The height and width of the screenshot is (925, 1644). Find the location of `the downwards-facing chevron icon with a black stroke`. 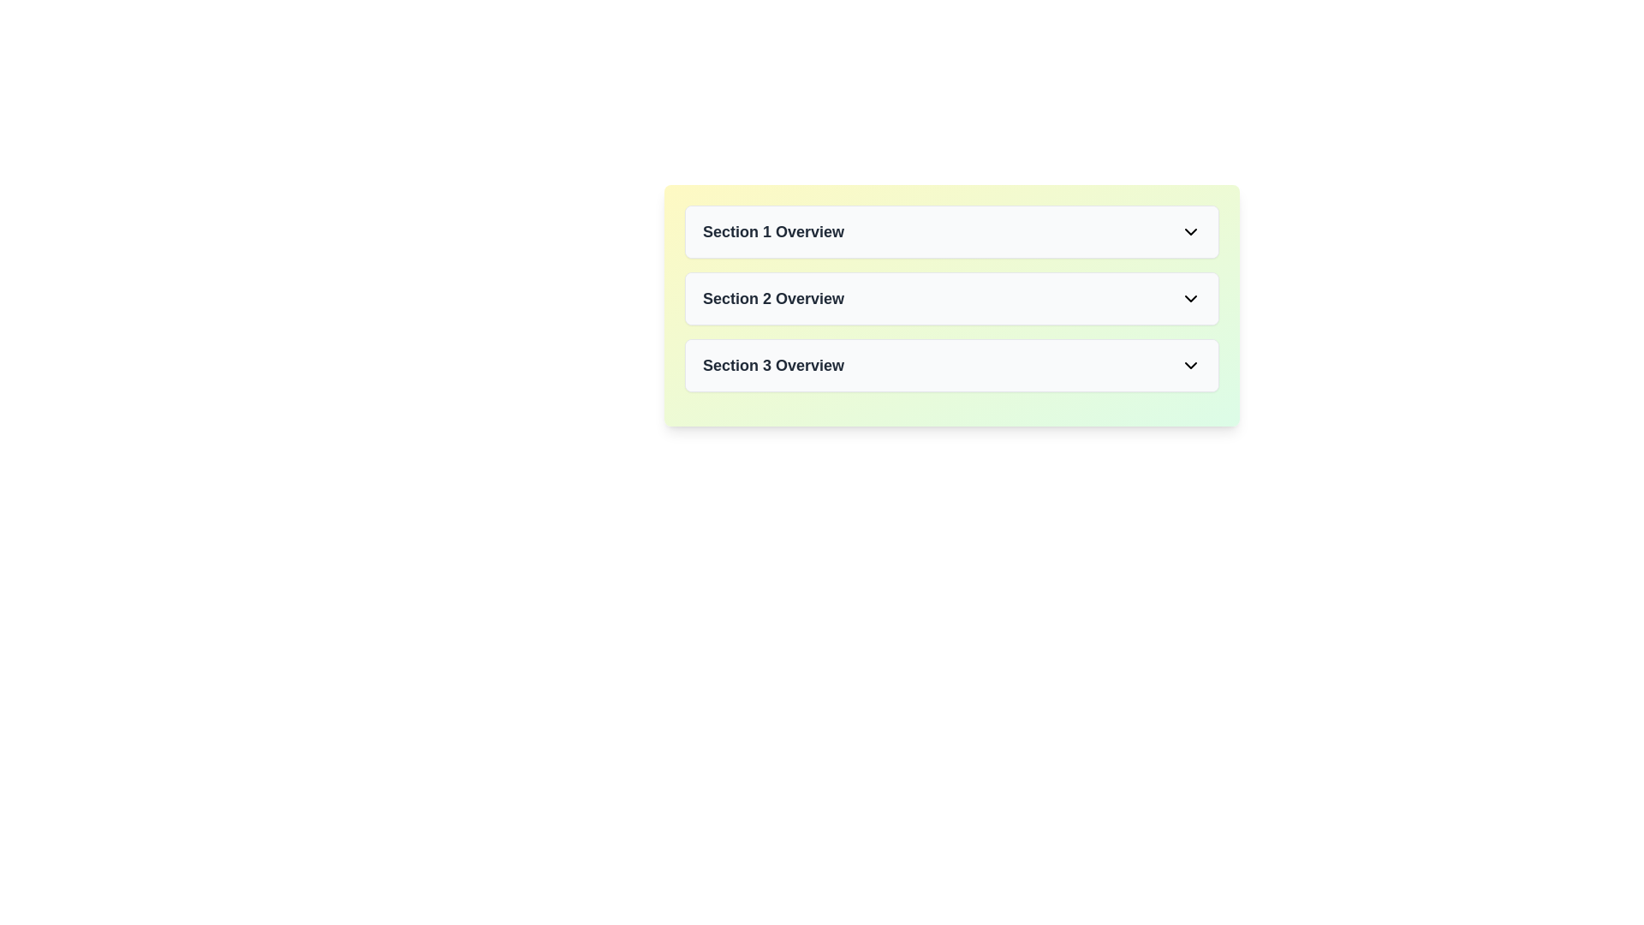

the downwards-facing chevron icon with a black stroke is located at coordinates (1190, 231).